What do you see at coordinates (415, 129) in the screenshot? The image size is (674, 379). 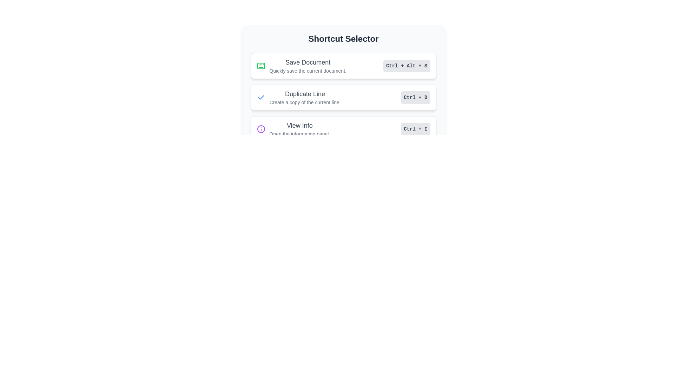 I see `the 'Ctrl + I' keyboard shortcut label styled as a button located in the 'View Info' section of the 'Shortcut Selector' interface` at bounding box center [415, 129].